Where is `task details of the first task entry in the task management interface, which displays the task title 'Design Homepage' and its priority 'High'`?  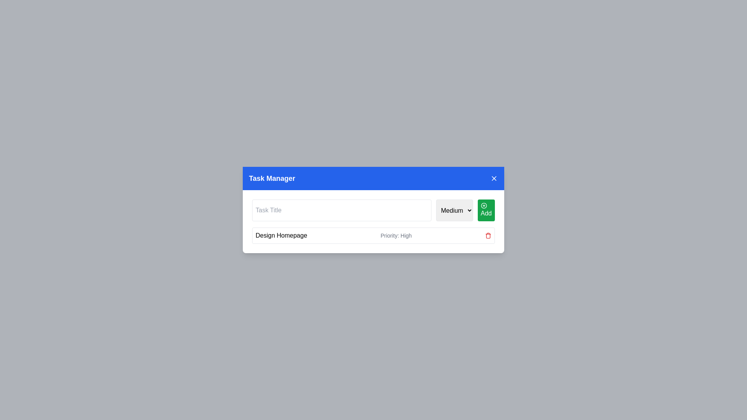 task details of the first task entry in the task management interface, which displays the task title 'Design Homepage' and its priority 'High' is located at coordinates (373, 235).